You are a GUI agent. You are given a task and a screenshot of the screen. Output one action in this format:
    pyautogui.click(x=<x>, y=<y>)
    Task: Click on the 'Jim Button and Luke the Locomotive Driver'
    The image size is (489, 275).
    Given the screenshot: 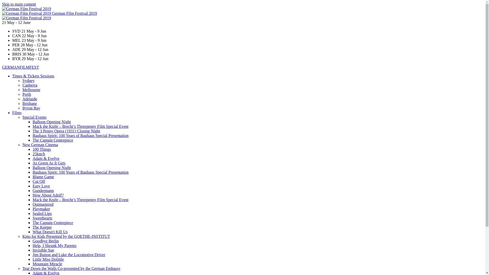 What is the action you would take?
    pyautogui.click(x=69, y=255)
    